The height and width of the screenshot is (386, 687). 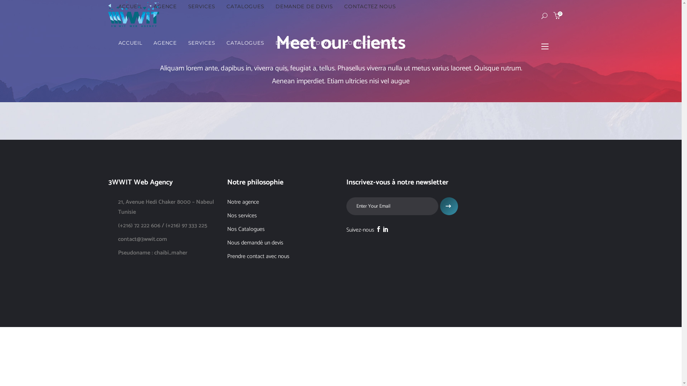 I want to click on 'CONTACTEZ NOUS', so click(x=370, y=43).